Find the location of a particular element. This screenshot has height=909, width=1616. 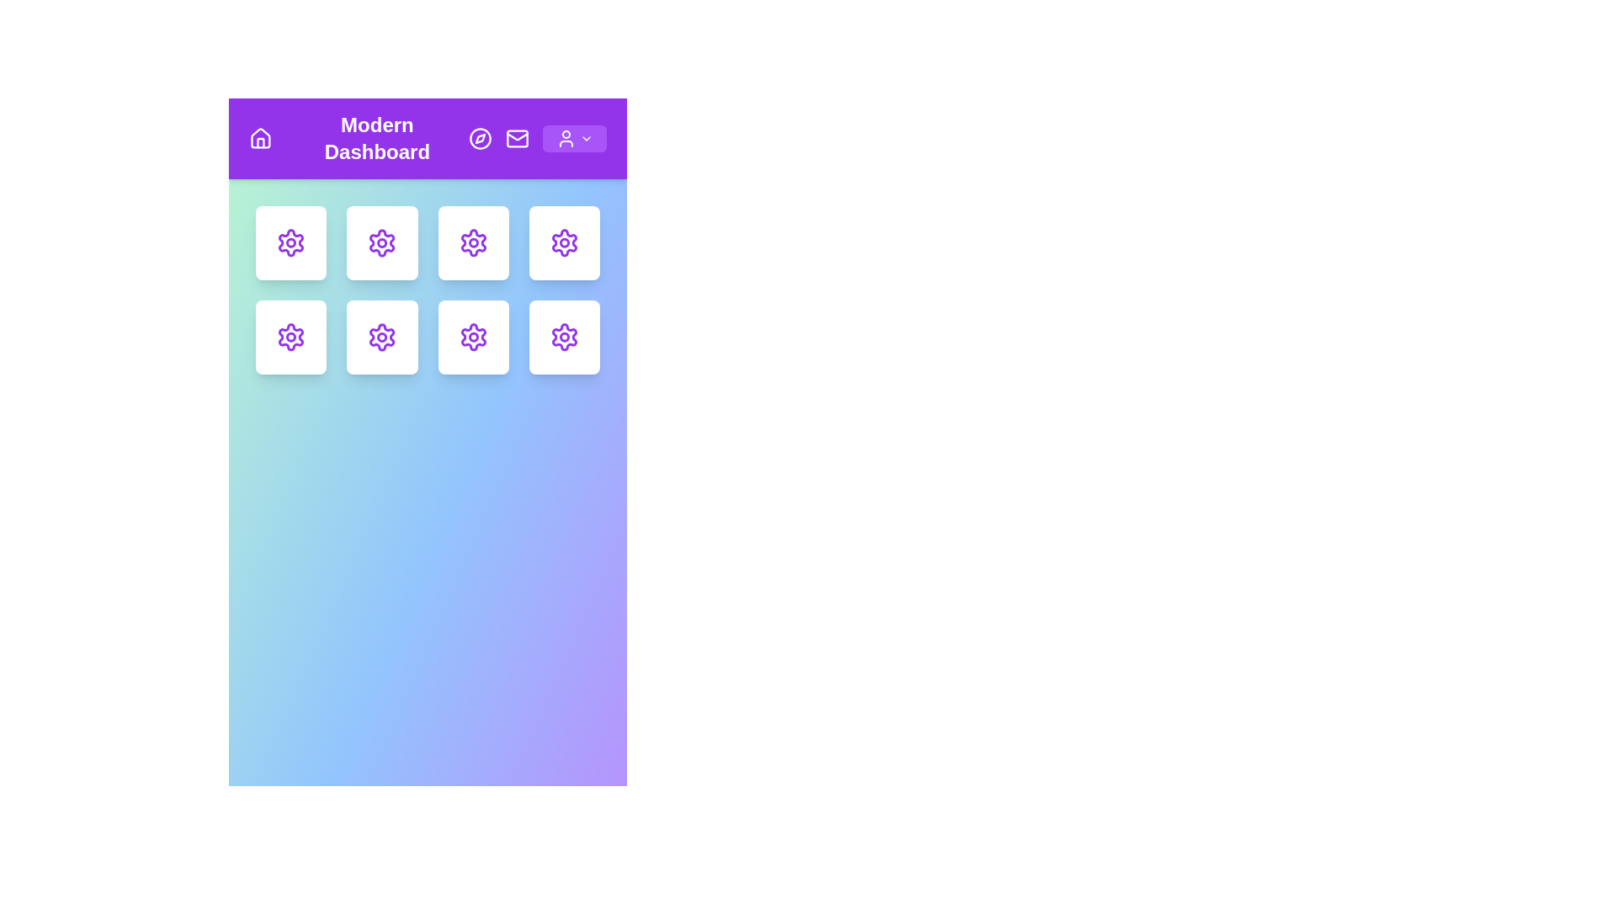

the Home navigation icon is located at coordinates (258, 138).